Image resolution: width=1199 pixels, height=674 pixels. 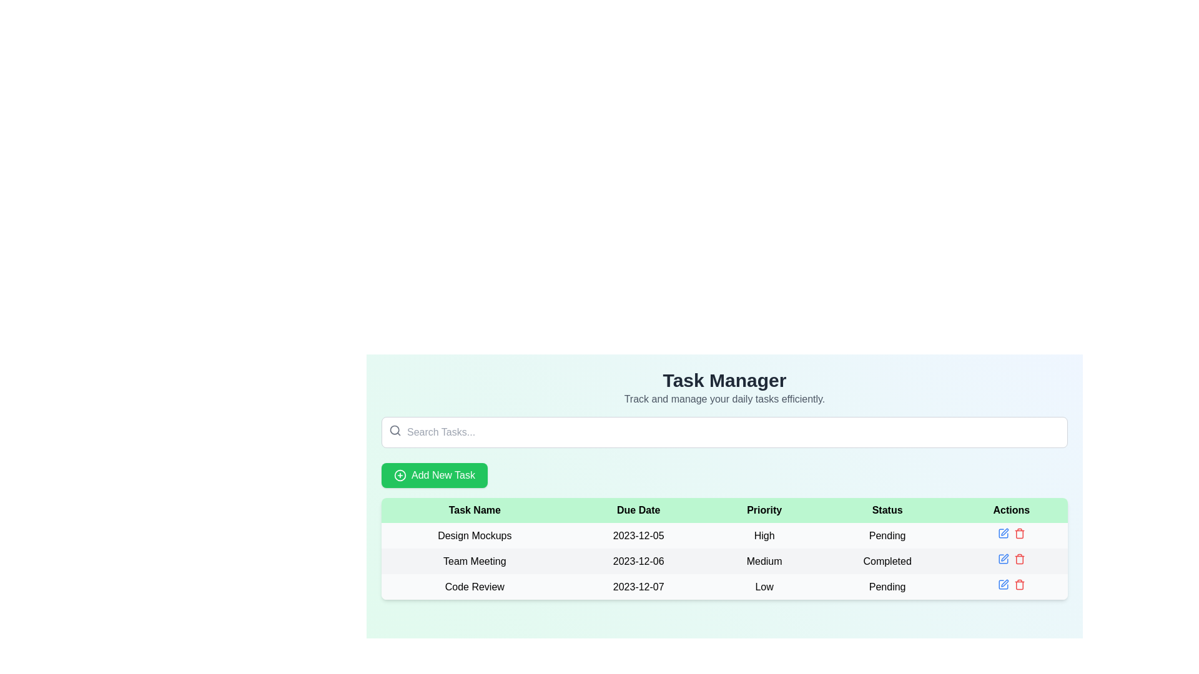 What do you see at coordinates (474, 587) in the screenshot?
I see `the text label displaying the name of the task in the 'Task Name' column for the task due on '2023-12-07', located in the third row of the tasks table` at bounding box center [474, 587].